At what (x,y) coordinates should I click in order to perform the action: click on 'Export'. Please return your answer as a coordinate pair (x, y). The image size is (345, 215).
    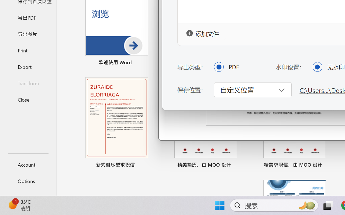
    Looking at the image, I should click on (28, 66).